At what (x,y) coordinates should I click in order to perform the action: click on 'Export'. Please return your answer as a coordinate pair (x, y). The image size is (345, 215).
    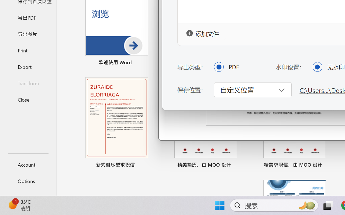
    Looking at the image, I should click on (28, 66).